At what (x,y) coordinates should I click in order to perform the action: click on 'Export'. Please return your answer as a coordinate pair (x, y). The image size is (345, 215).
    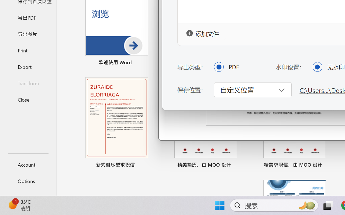
    Looking at the image, I should click on (28, 66).